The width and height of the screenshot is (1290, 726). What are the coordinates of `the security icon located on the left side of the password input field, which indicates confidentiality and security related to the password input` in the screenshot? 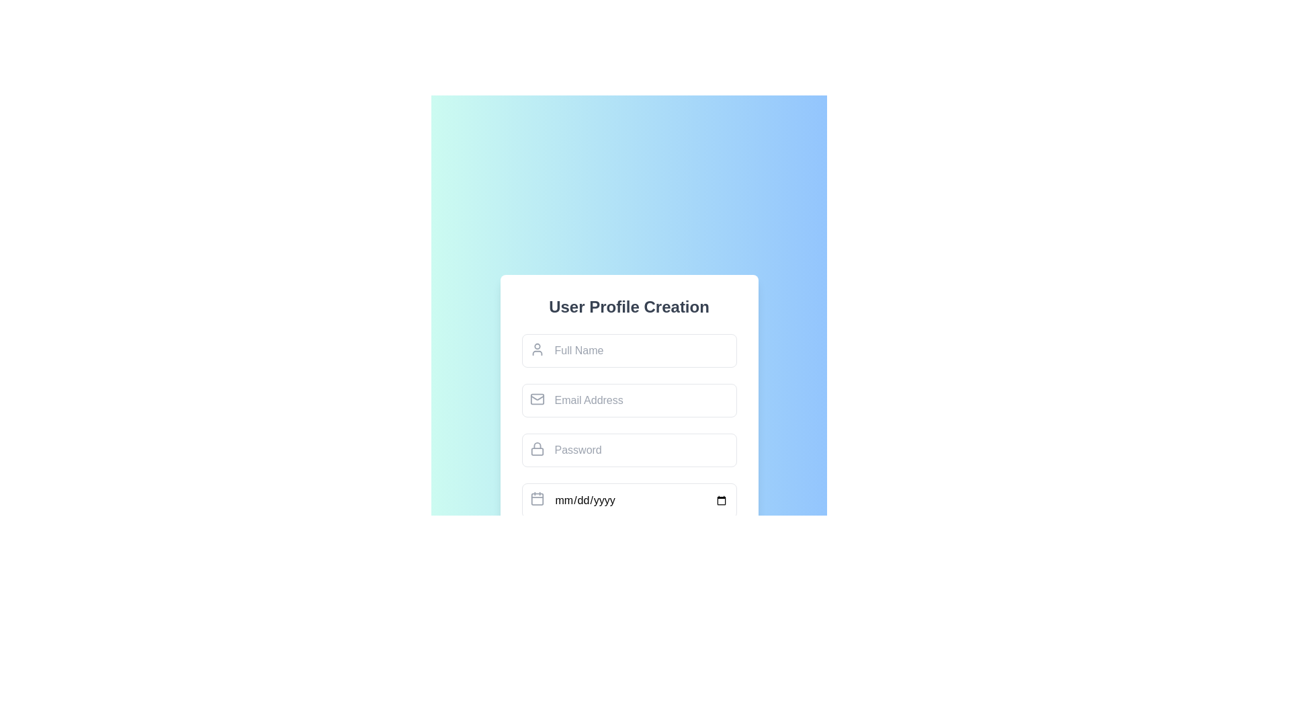 It's located at (536, 448).